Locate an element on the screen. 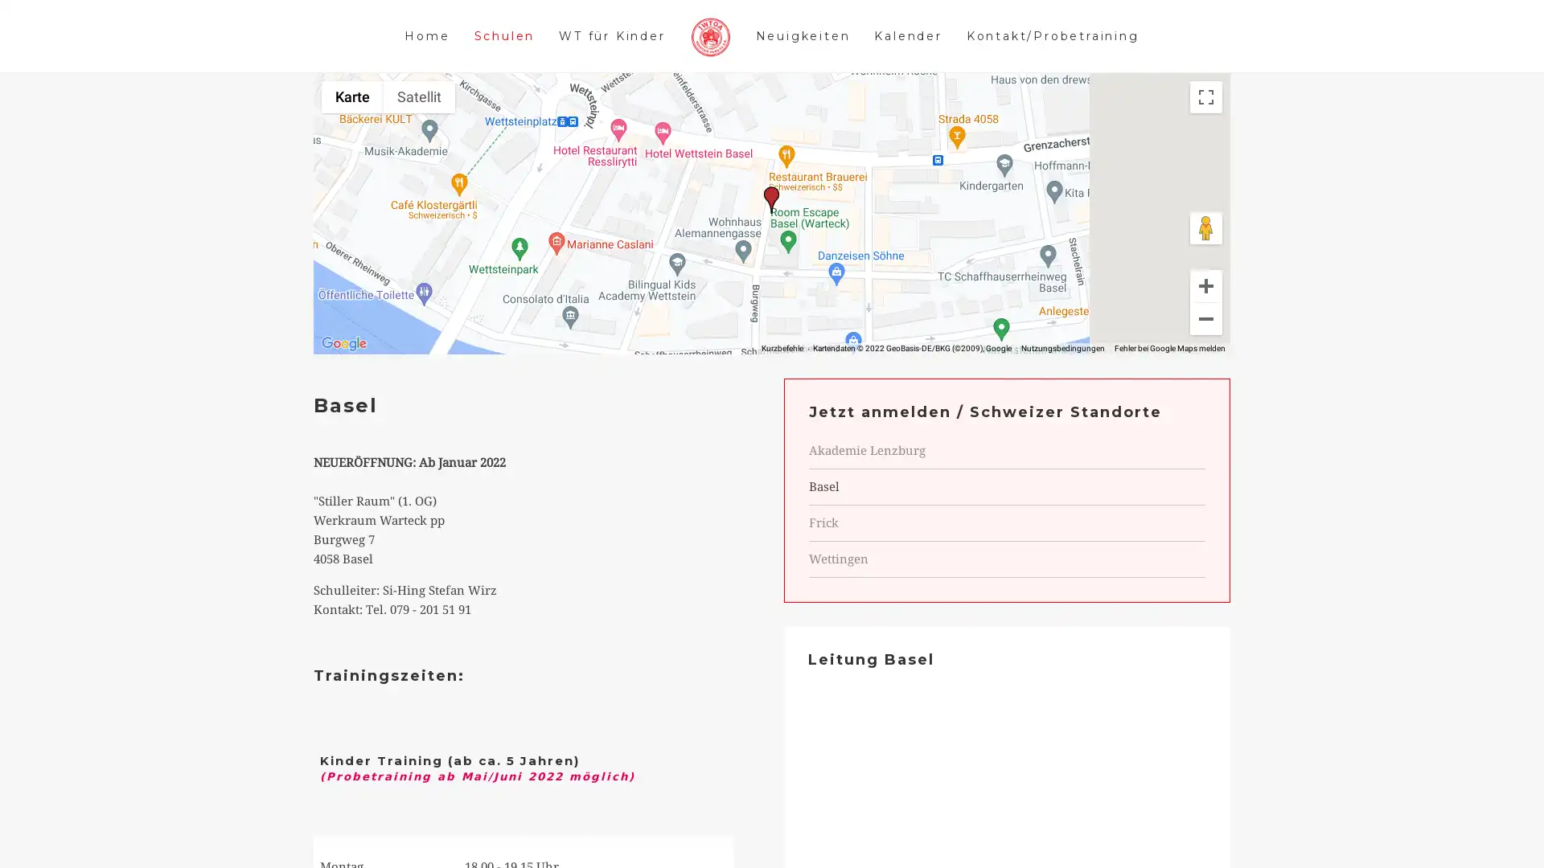  Kurzbefehle is located at coordinates (782, 372).